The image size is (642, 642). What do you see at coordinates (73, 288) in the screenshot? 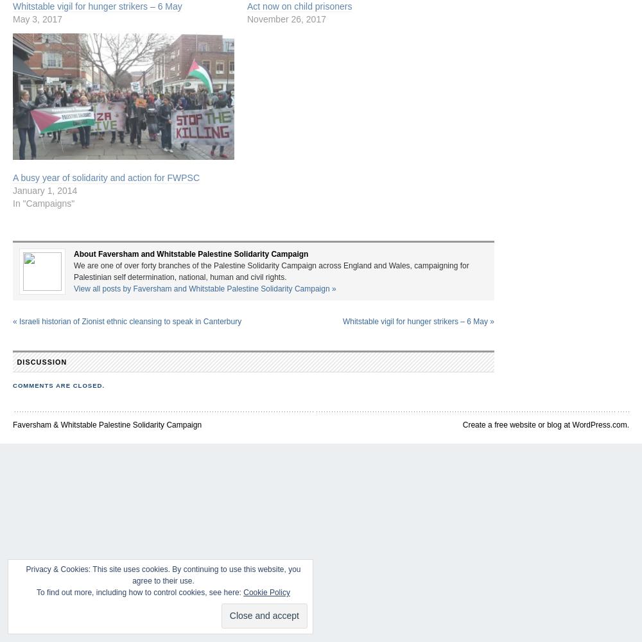
I see `'View all posts by Faversham and Whitstable Palestine Solidarity Campaign'` at bounding box center [73, 288].